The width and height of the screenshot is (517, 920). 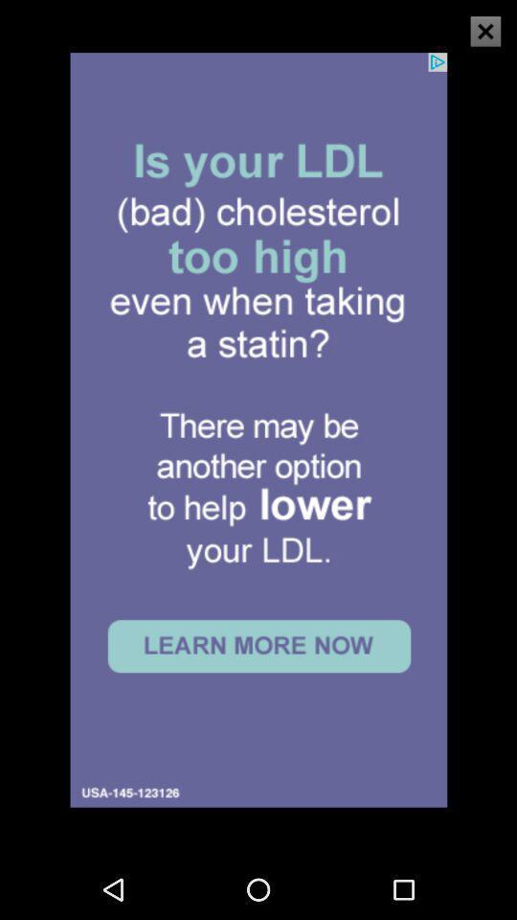 What do you see at coordinates (485, 33) in the screenshot?
I see `the close icon` at bounding box center [485, 33].